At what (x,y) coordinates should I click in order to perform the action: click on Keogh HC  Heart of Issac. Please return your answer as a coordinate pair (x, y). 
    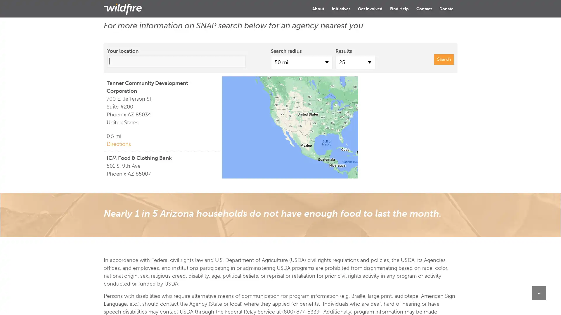
    Looking at the image, I should click on (325, 119).